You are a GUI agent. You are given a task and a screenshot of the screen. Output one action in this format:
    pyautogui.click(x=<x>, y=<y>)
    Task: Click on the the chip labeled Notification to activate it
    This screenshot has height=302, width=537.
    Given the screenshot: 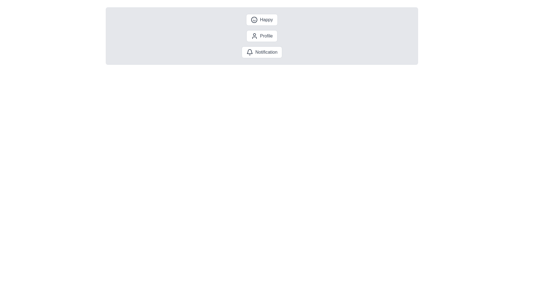 What is the action you would take?
    pyautogui.click(x=262, y=52)
    